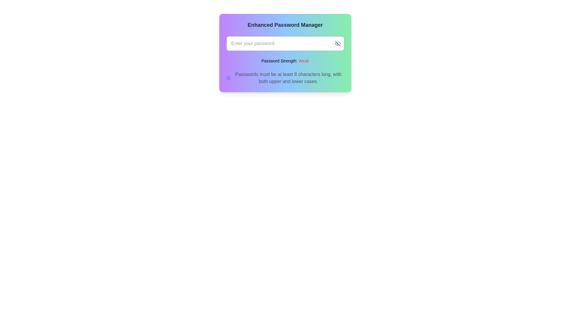  Describe the element at coordinates (338, 43) in the screenshot. I see `the eye icon with a slash across it, located at the far right of the password input field` at that location.